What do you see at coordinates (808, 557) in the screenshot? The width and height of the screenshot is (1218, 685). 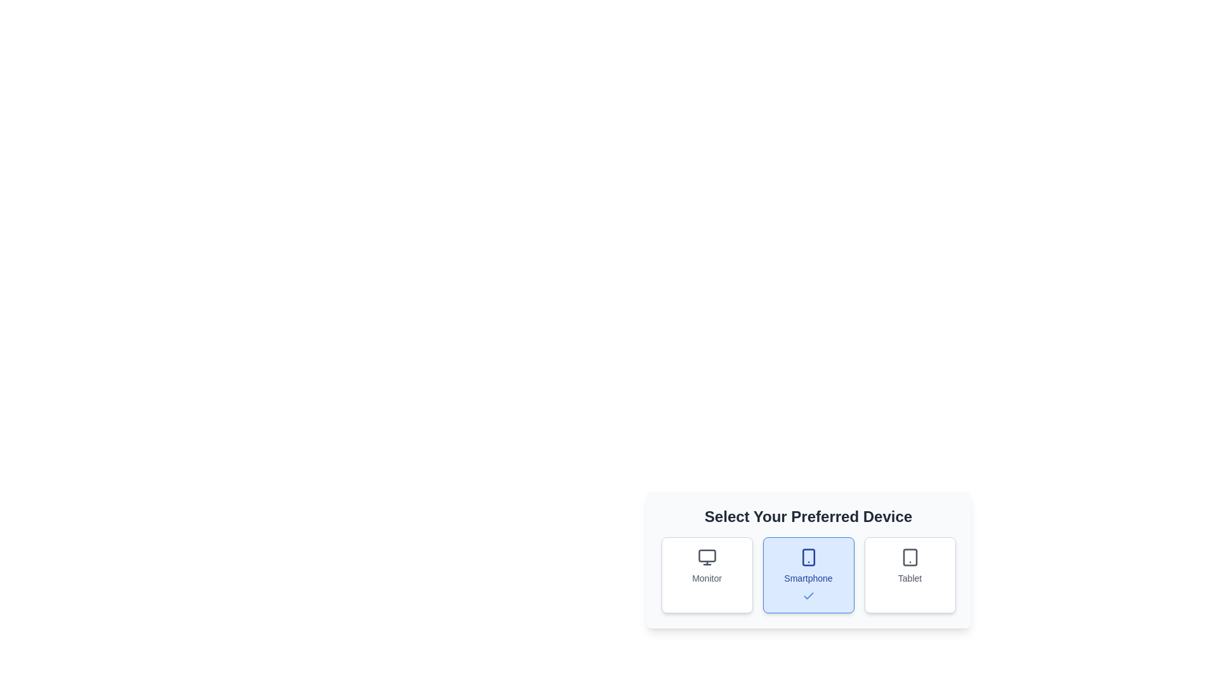 I see `the decorative component representing the smartphone option, which is a rectangular shape with rounded corners and is located within the blue highlighted button for the 'Smartphone' option` at bounding box center [808, 557].